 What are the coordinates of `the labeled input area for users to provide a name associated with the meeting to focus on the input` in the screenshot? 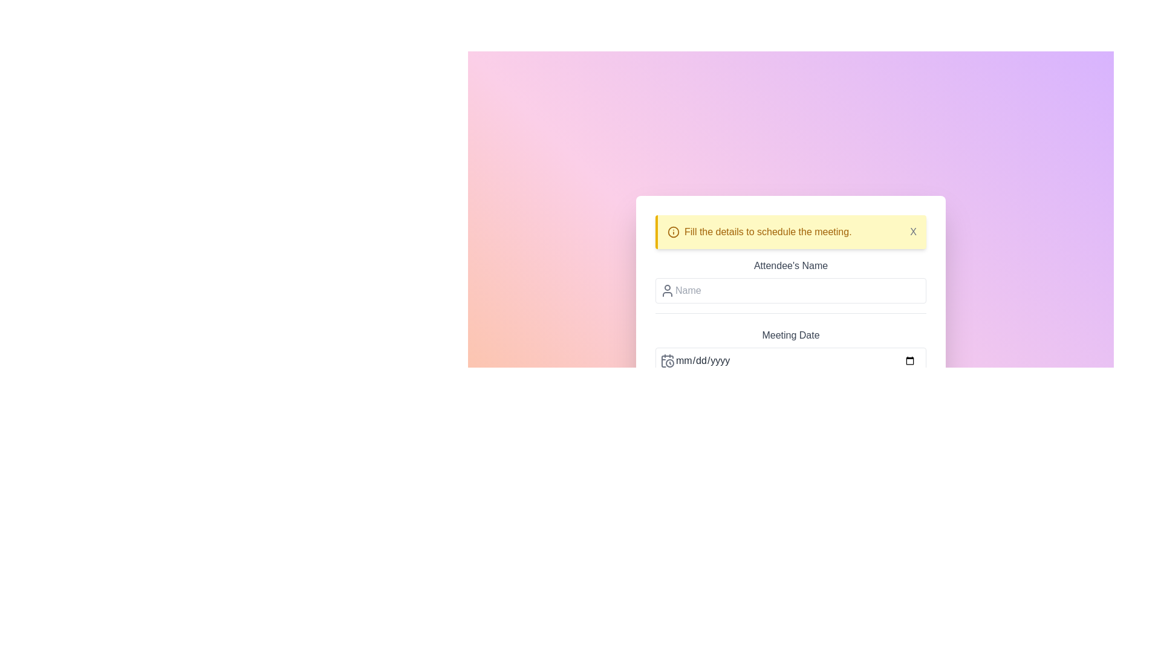 It's located at (791, 286).